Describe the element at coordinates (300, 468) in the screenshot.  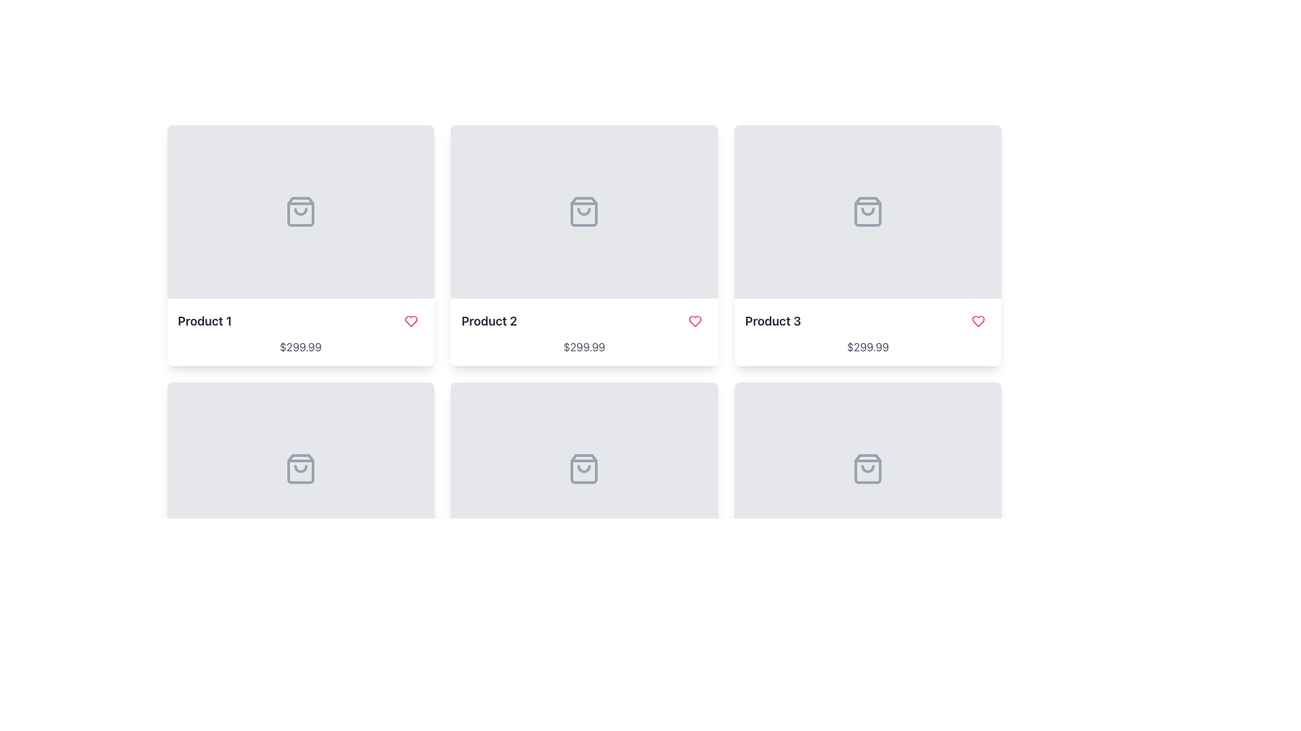
I see `the shopping bag icon, which is a minimalist line-art design in gray, located in the second row and second column of the grid layout` at that location.